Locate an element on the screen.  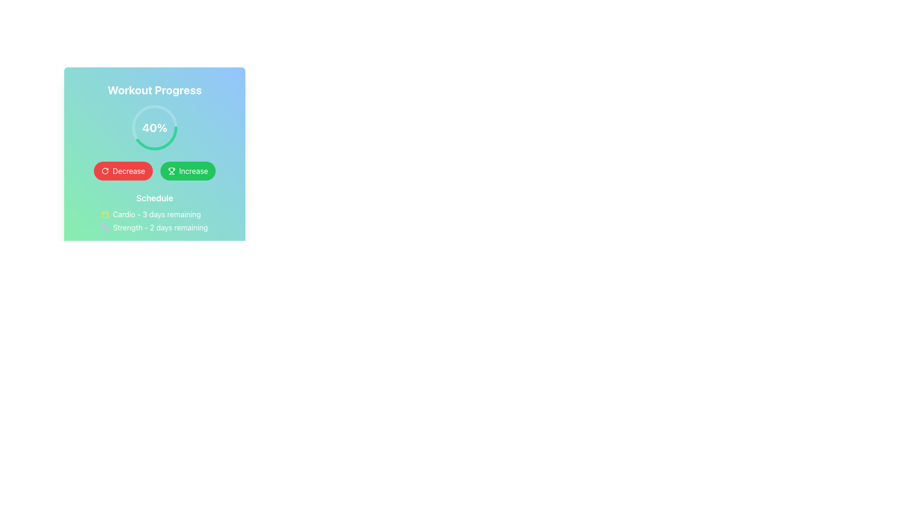
the 'Increase' button in the button group located below the progress circle labeled '40%' and above the 'Schedule' section on the card interface is located at coordinates (154, 171).